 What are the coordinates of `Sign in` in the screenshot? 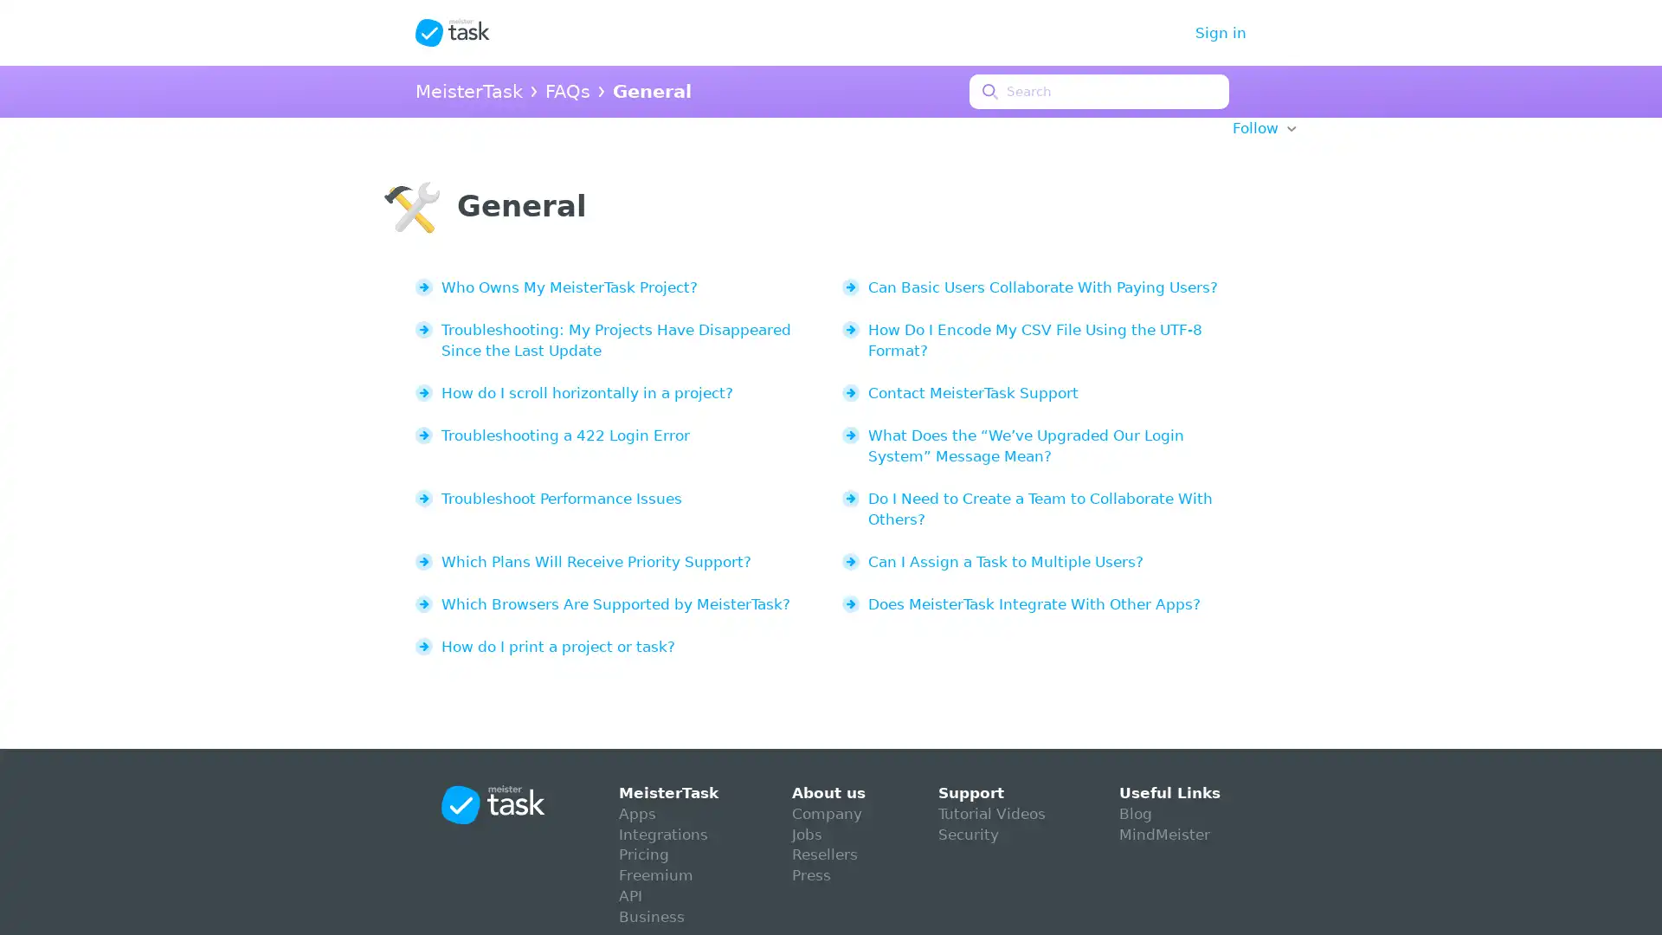 It's located at (1220, 33).